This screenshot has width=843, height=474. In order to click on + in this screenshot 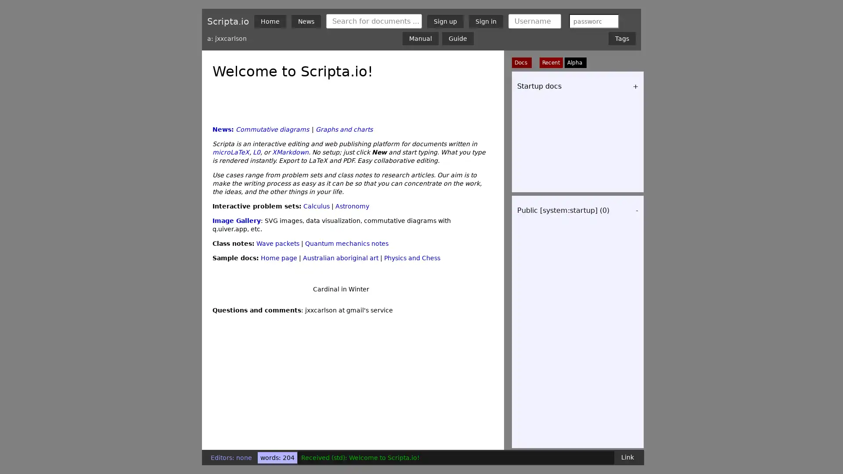, I will do `click(635, 86)`.